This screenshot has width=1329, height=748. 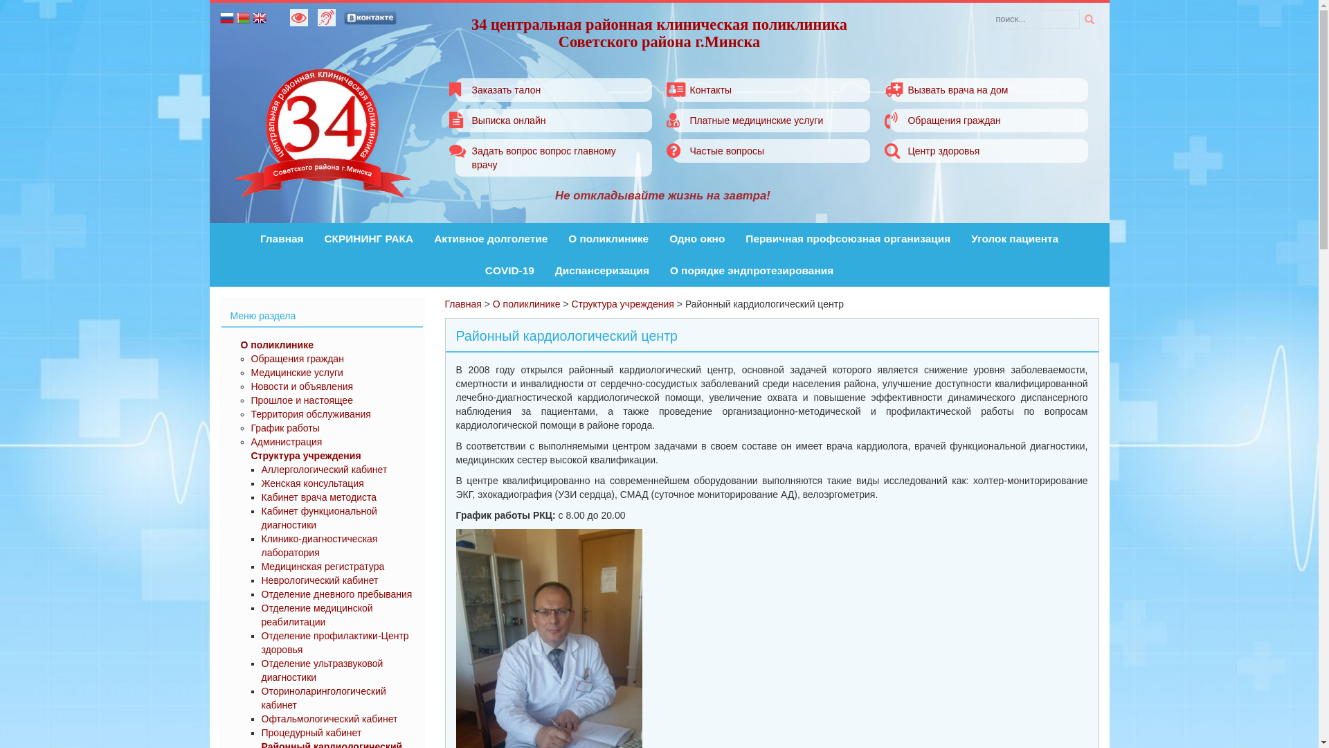 What do you see at coordinates (509, 270) in the screenshot?
I see `'COVID-19'` at bounding box center [509, 270].